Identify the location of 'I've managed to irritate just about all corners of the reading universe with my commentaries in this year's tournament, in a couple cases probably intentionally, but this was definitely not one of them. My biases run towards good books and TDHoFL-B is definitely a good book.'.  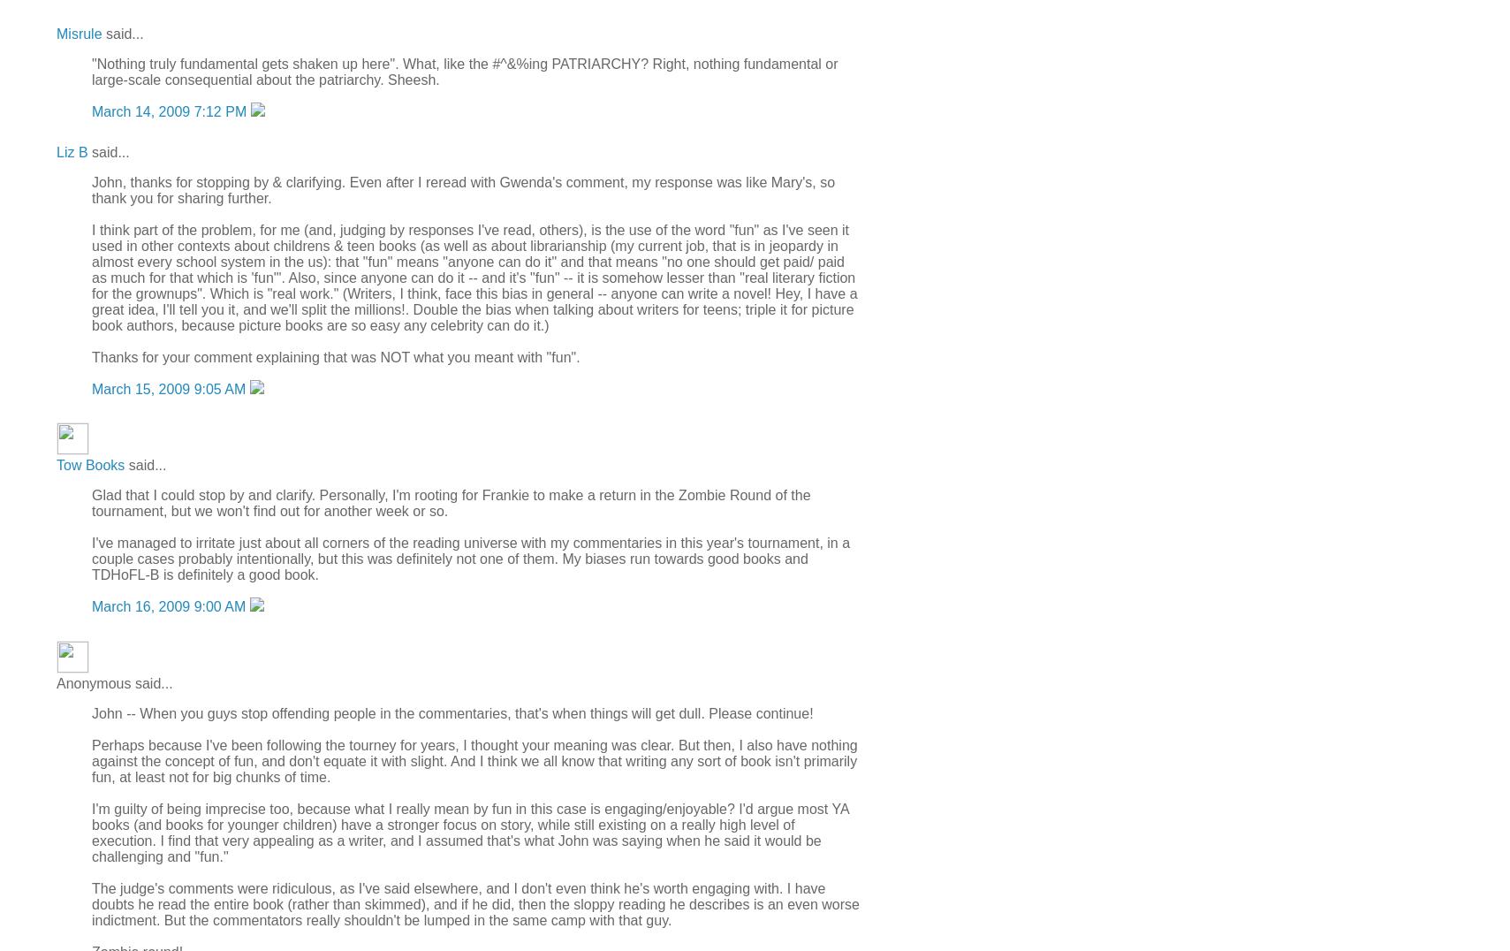
(470, 558).